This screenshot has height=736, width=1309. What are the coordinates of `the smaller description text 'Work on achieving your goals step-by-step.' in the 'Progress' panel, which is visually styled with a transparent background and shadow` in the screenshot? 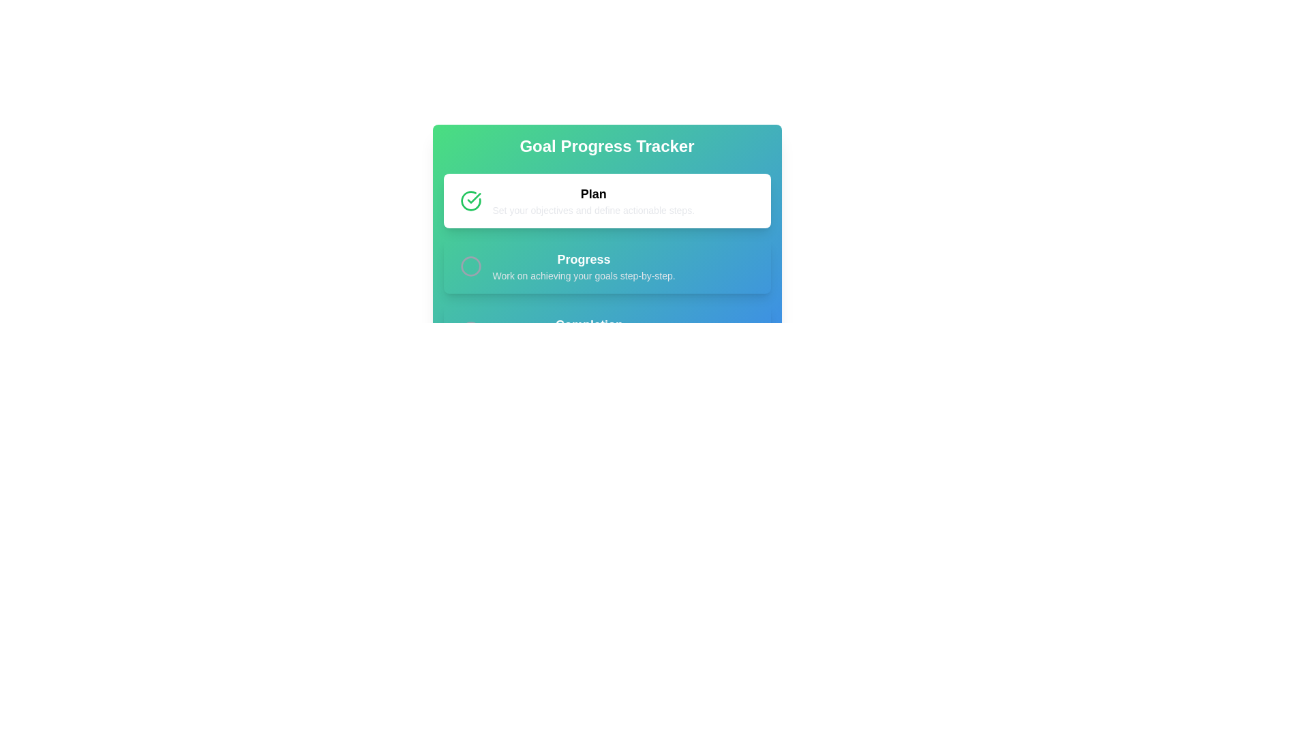 It's located at (606, 266).